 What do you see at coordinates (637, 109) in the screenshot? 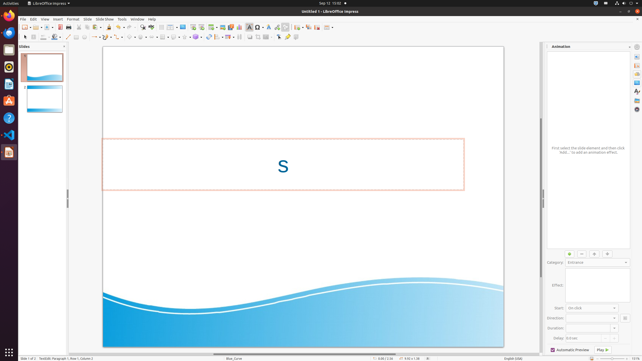
I see `'Navigator'` at bounding box center [637, 109].